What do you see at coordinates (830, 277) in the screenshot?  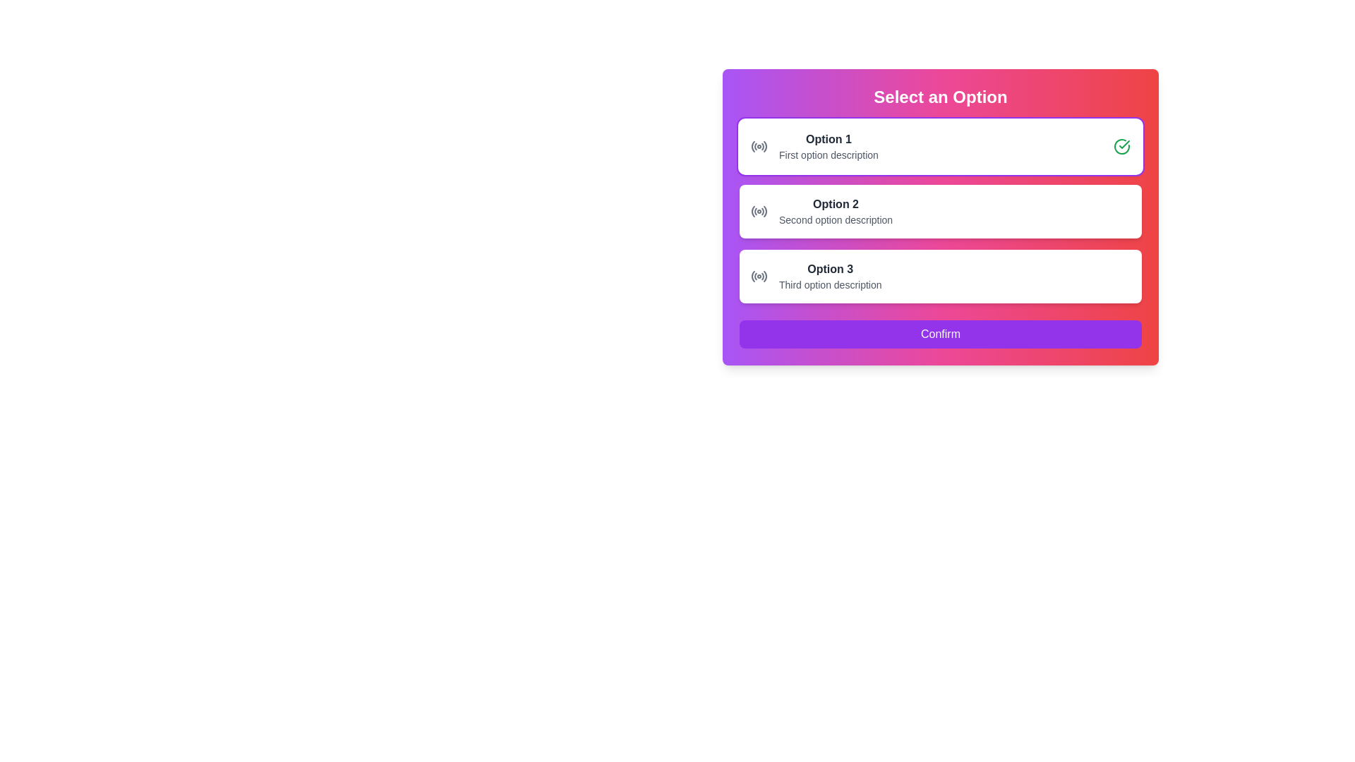 I see `the text display element that shows 'Option 3' in bold and 'Third option description' below it, located in the third selectable option of the group` at bounding box center [830, 277].